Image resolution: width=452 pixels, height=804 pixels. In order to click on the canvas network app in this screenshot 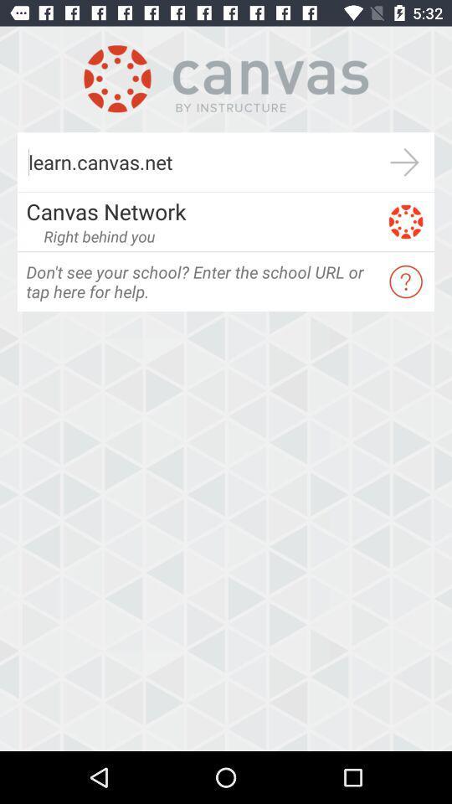, I will do `click(202, 210)`.